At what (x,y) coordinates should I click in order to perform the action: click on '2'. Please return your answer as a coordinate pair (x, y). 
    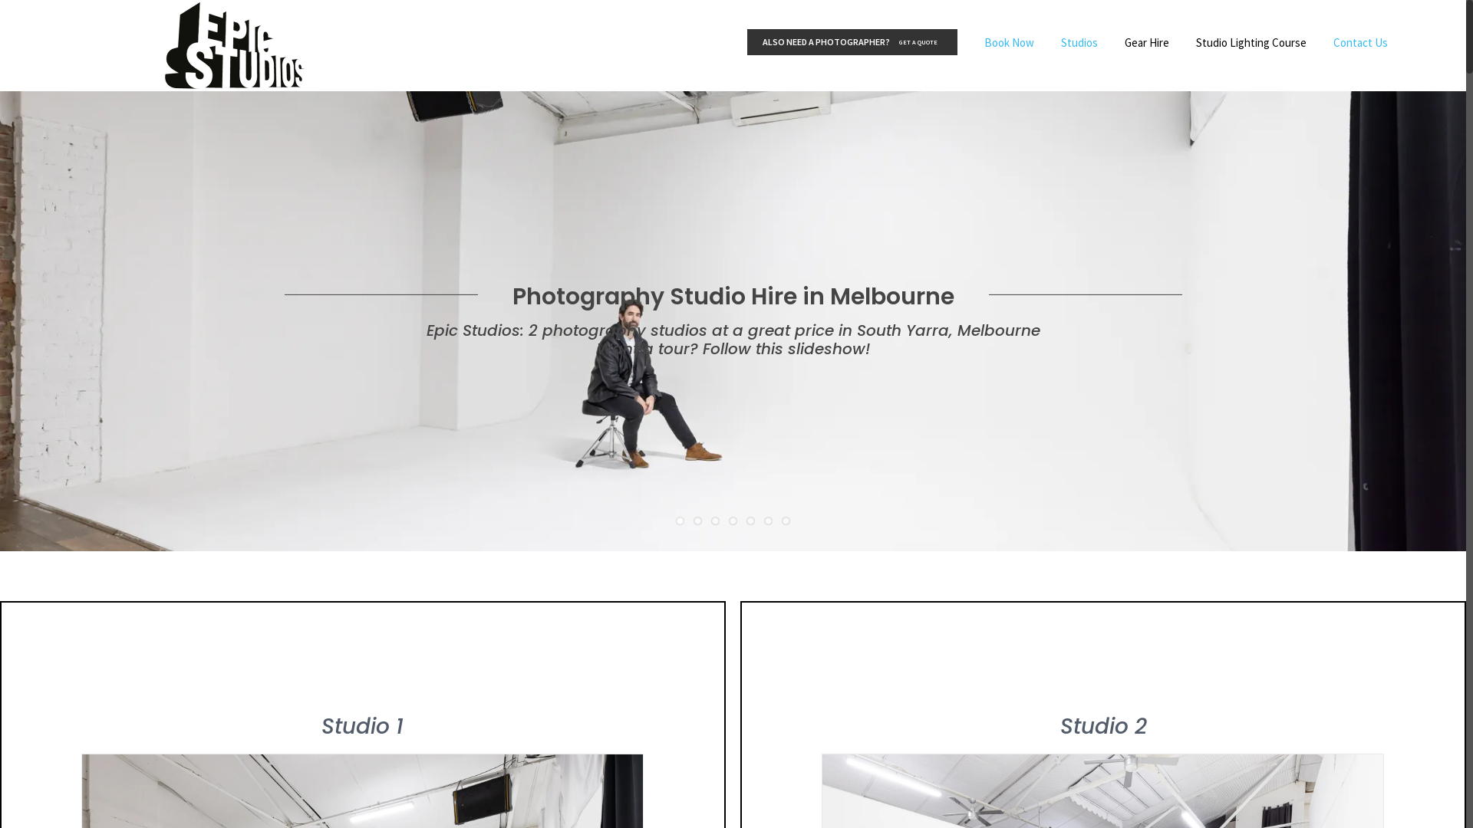
    Looking at the image, I should click on (692, 520).